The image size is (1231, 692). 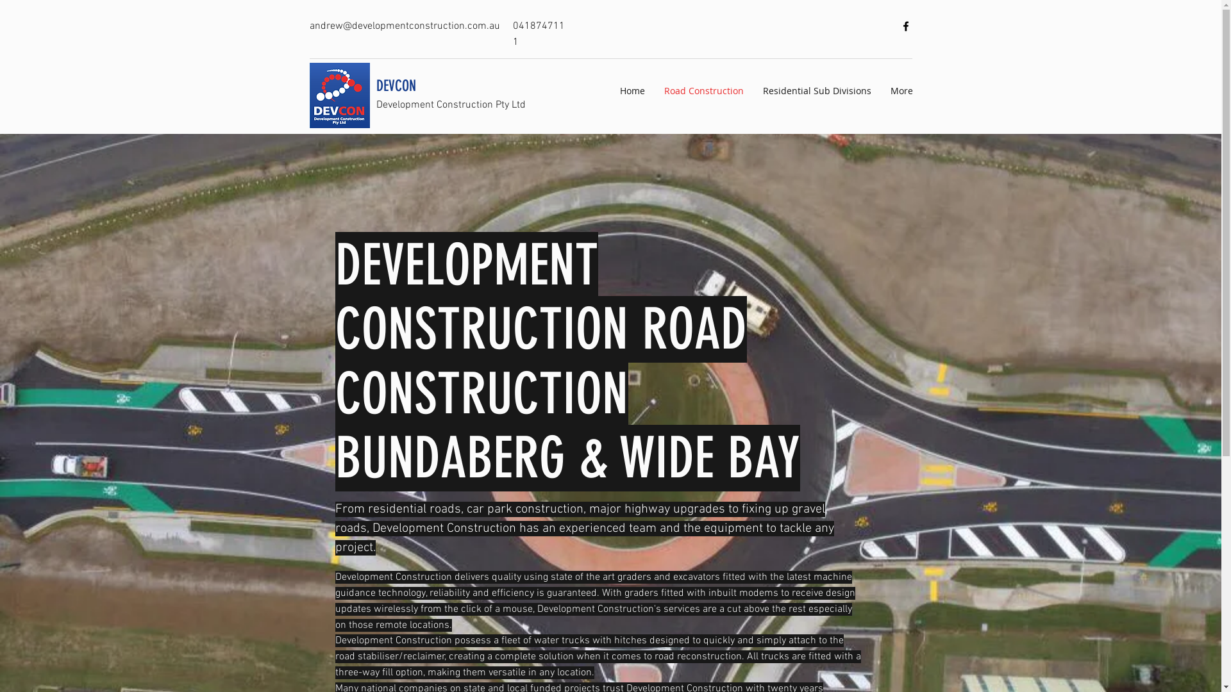 What do you see at coordinates (632, 90) in the screenshot?
I see `'Home'` at bounding box center [632, 90].